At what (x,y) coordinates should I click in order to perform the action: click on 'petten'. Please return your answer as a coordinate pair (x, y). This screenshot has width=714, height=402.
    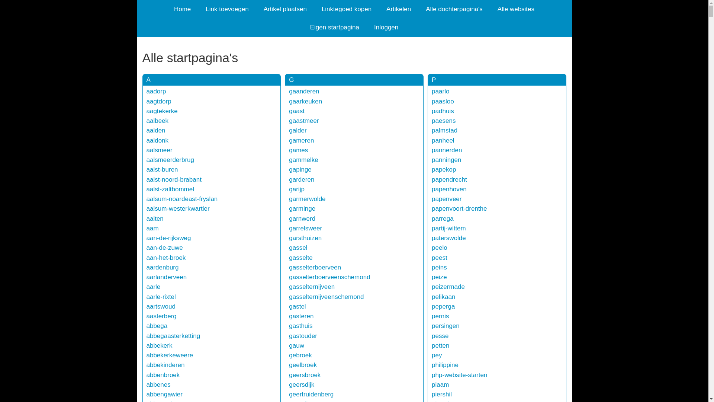
    Looking at the image, I should click on (440, 345).